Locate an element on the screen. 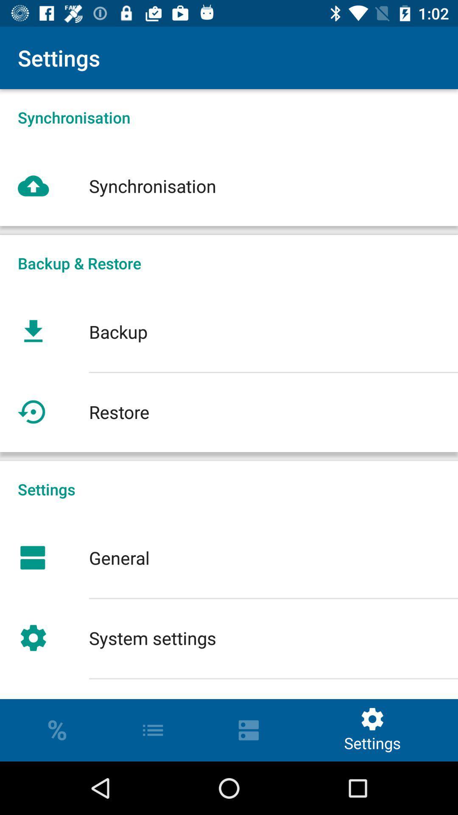 This screenshot has width=458, height=815. item below the settings item is located at coordinates (229, 558).